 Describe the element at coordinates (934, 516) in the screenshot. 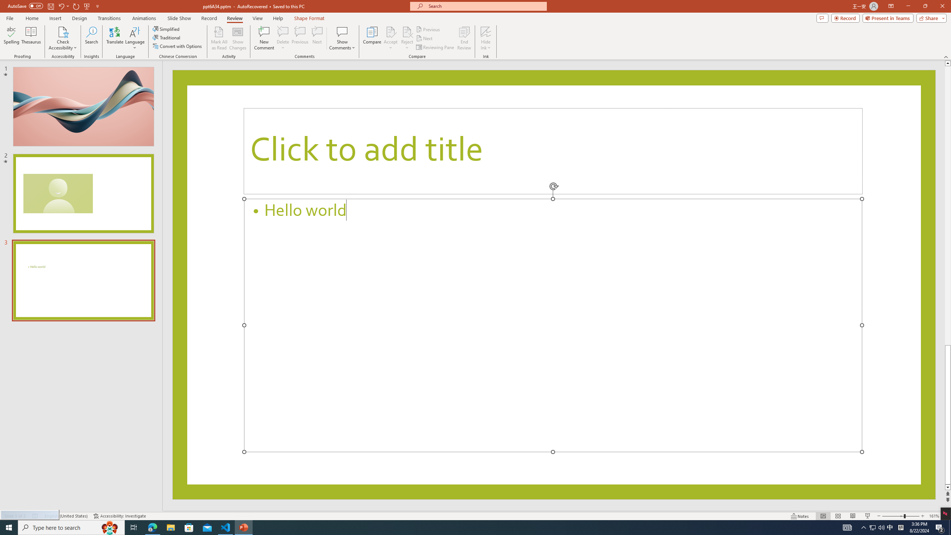

I see `'Zoom 161%'` at that location.